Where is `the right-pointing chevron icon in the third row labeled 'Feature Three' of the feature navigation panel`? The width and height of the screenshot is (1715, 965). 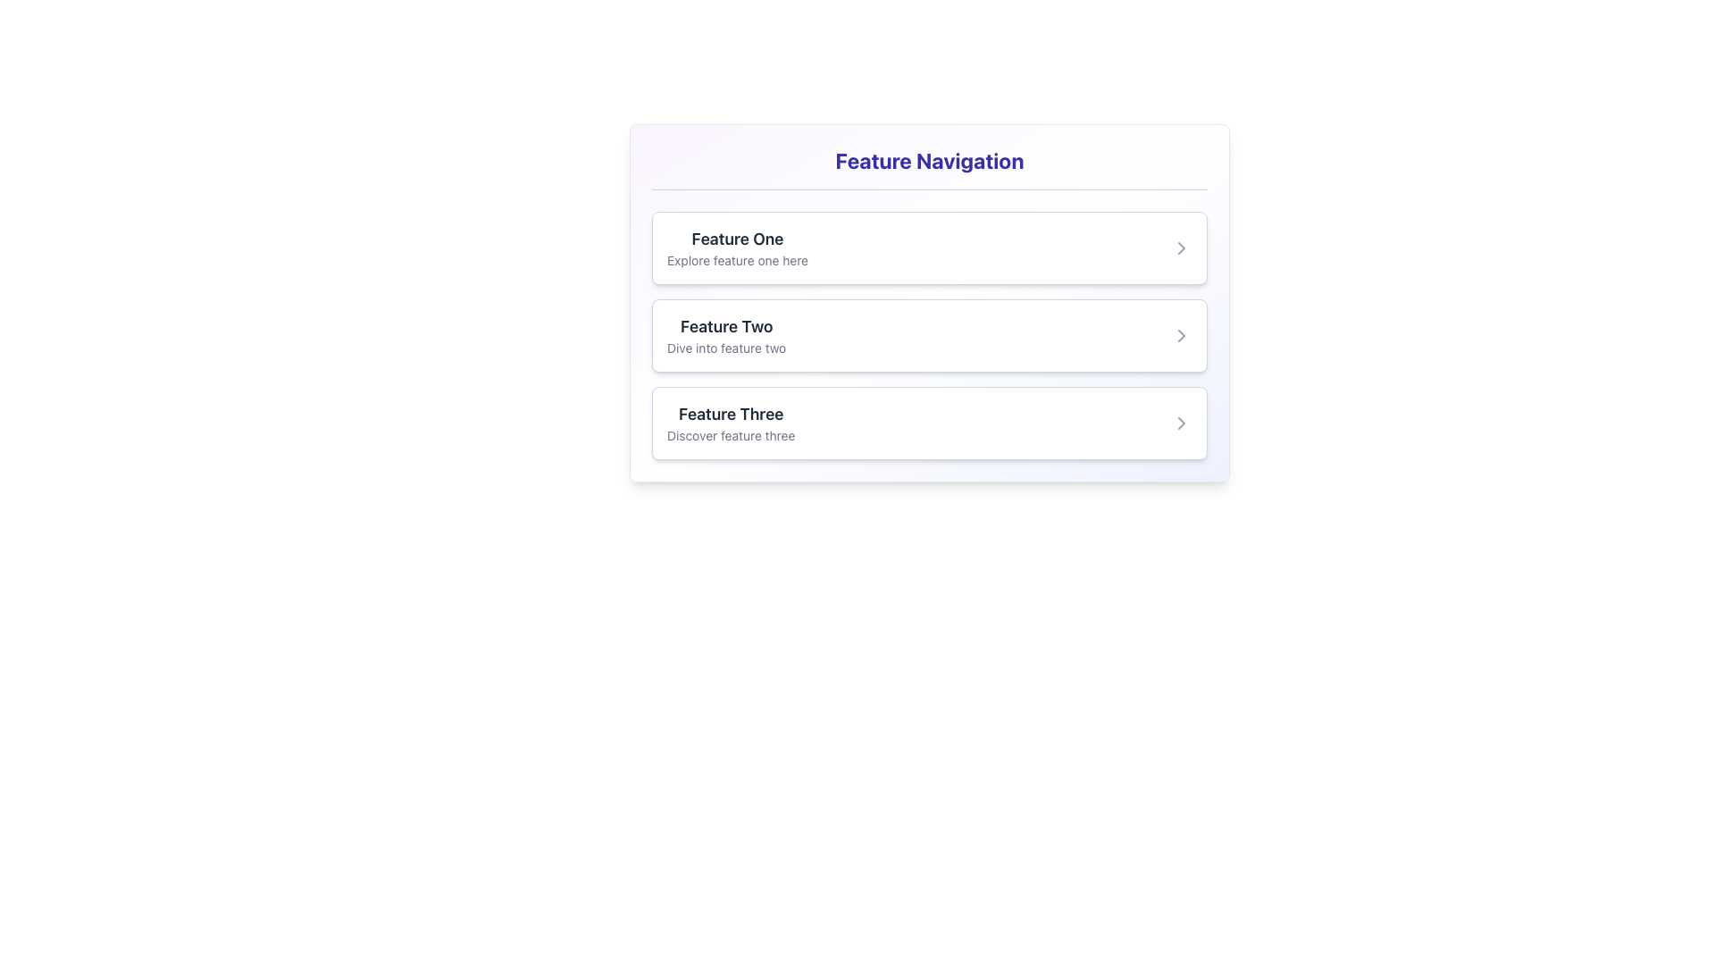
the right-pointing chevron icon in the third row labeled 'Feature Three' of the feature navigation panel is located at coordinates (1182, 424).